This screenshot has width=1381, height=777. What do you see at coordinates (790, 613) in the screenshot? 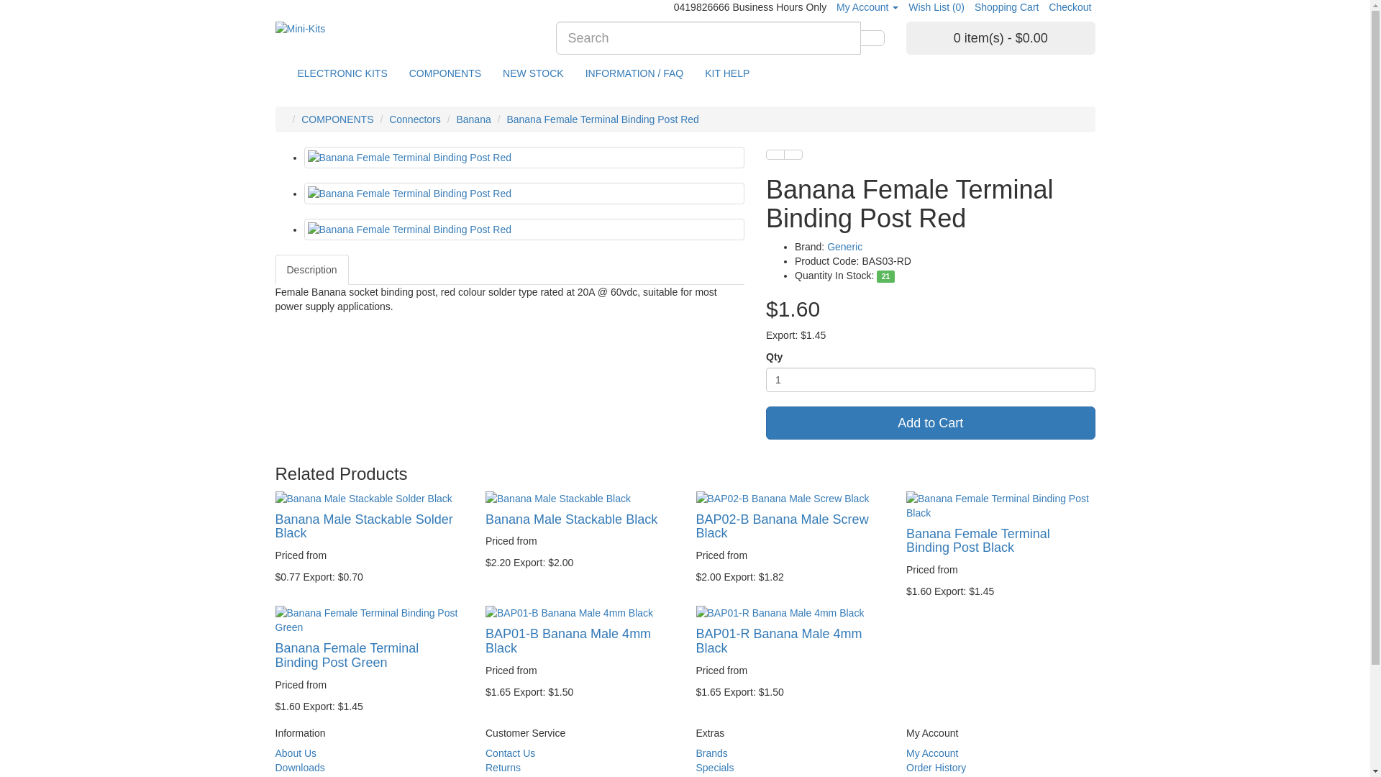
I see `'BAP01-R Banana Male 4mm Black'` at bounding box center [790, 613].